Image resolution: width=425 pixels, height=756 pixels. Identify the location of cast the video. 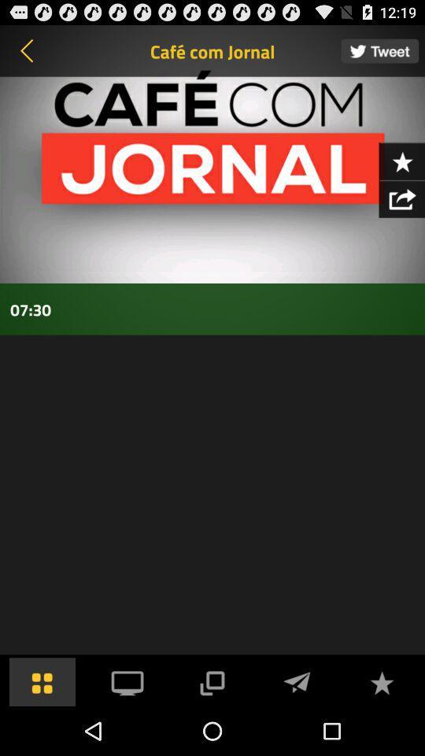
(212, 680).